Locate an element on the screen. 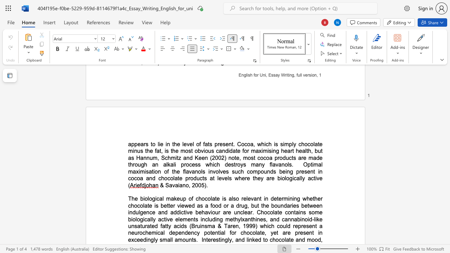 The image size is (450, 253). the 3th character "l" in the text is located at coordinates (211, 199).